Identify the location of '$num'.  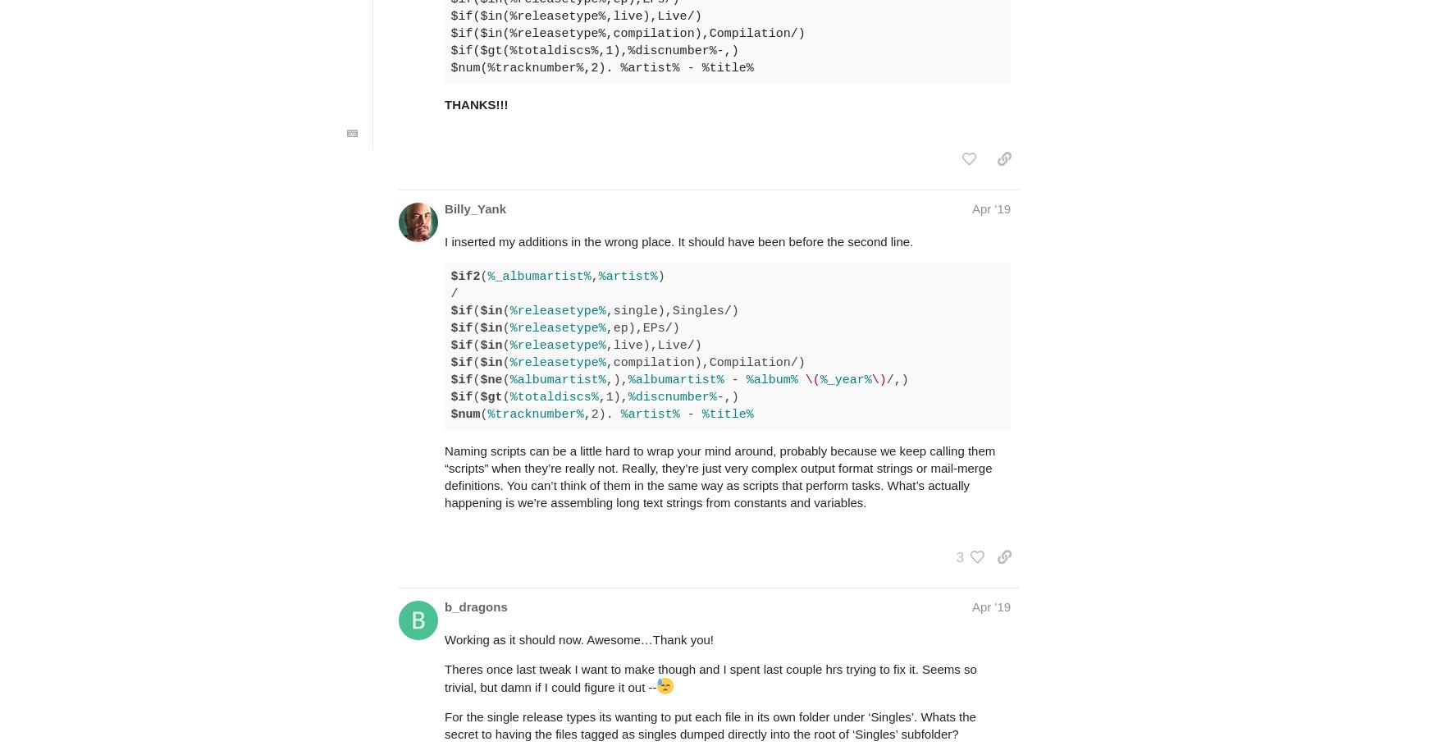
(449, 414).